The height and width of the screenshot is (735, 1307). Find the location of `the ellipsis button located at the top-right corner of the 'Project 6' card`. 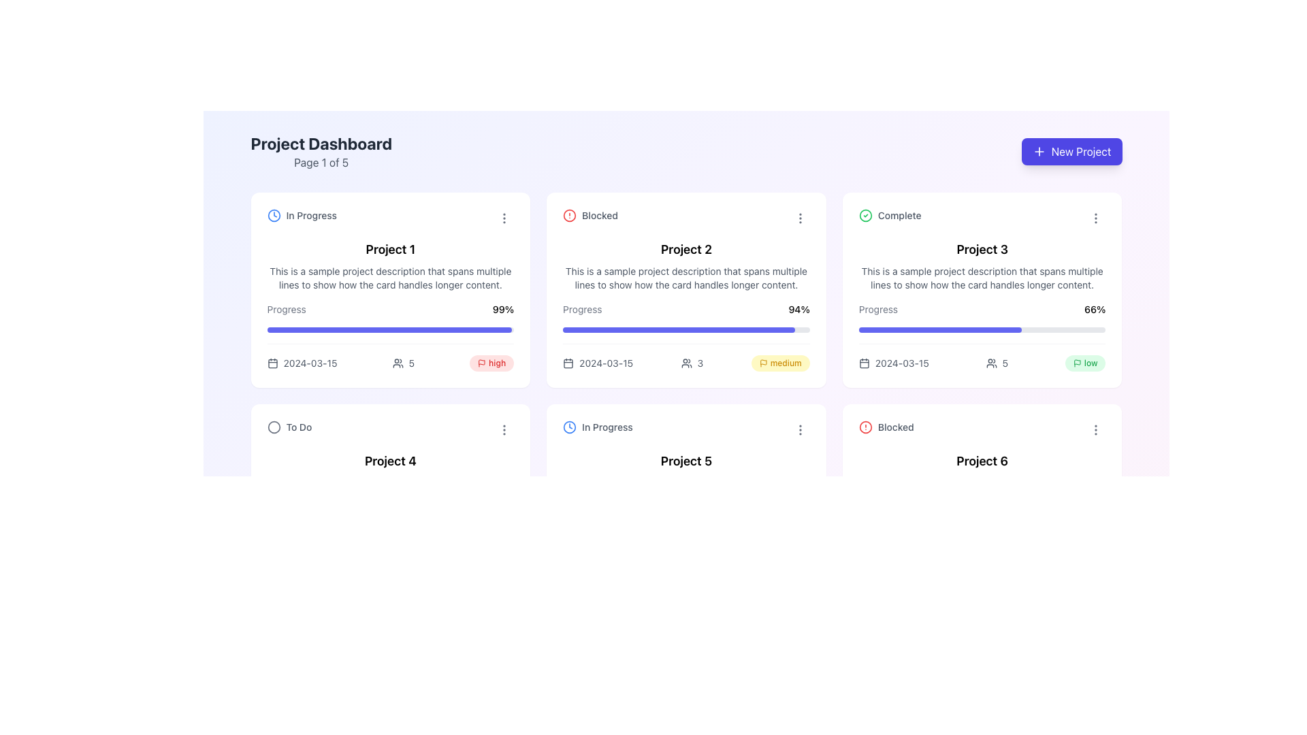

the ellipsis button located at the top-right corner of the 'Project 6' card is located at coordinates (1096, 430).